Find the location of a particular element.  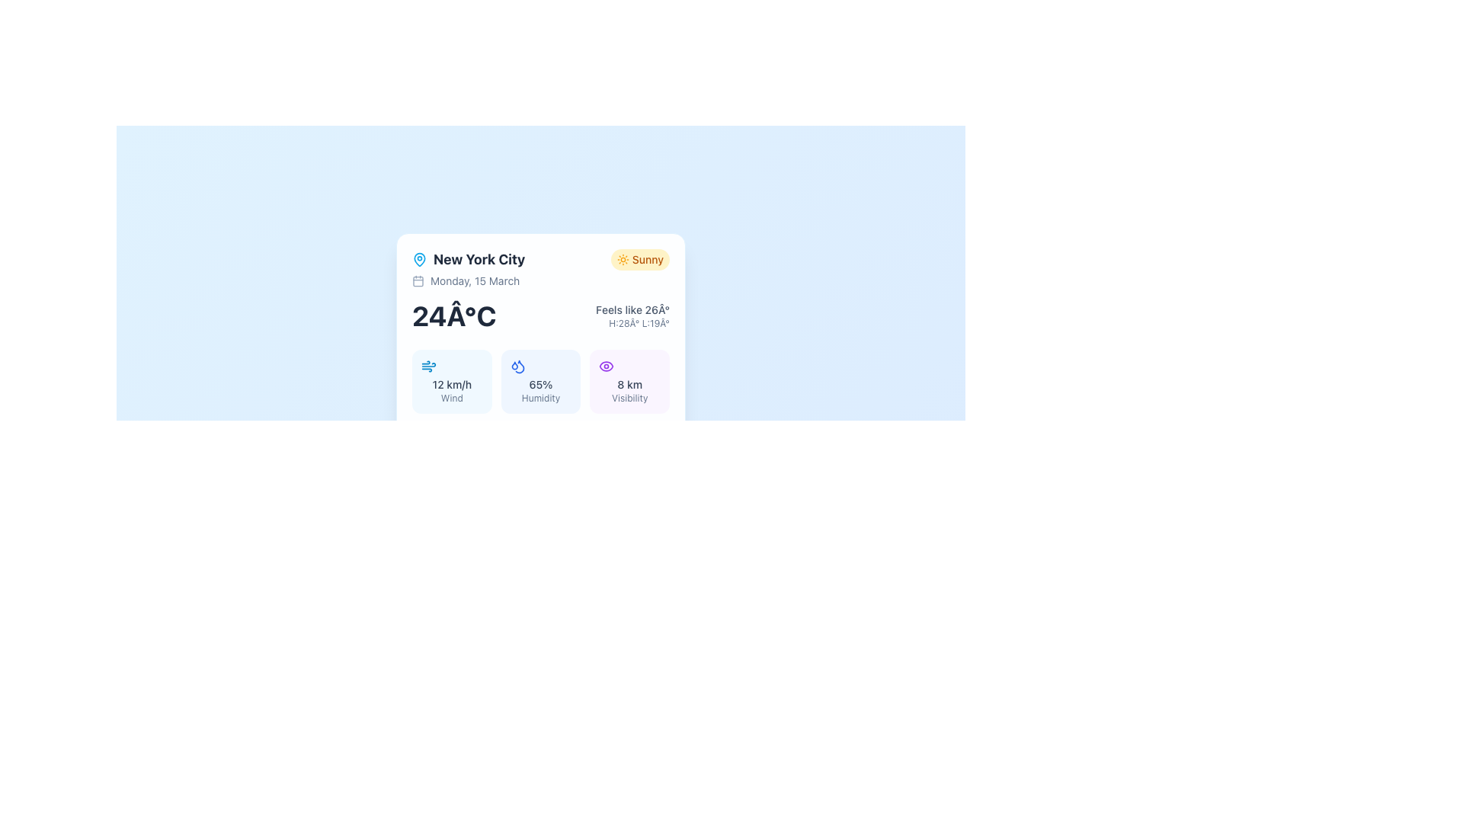

the humidity icon located above the '65% Humidity' text in the bottom-central section of the weather card is located at coordinates (517, 367).